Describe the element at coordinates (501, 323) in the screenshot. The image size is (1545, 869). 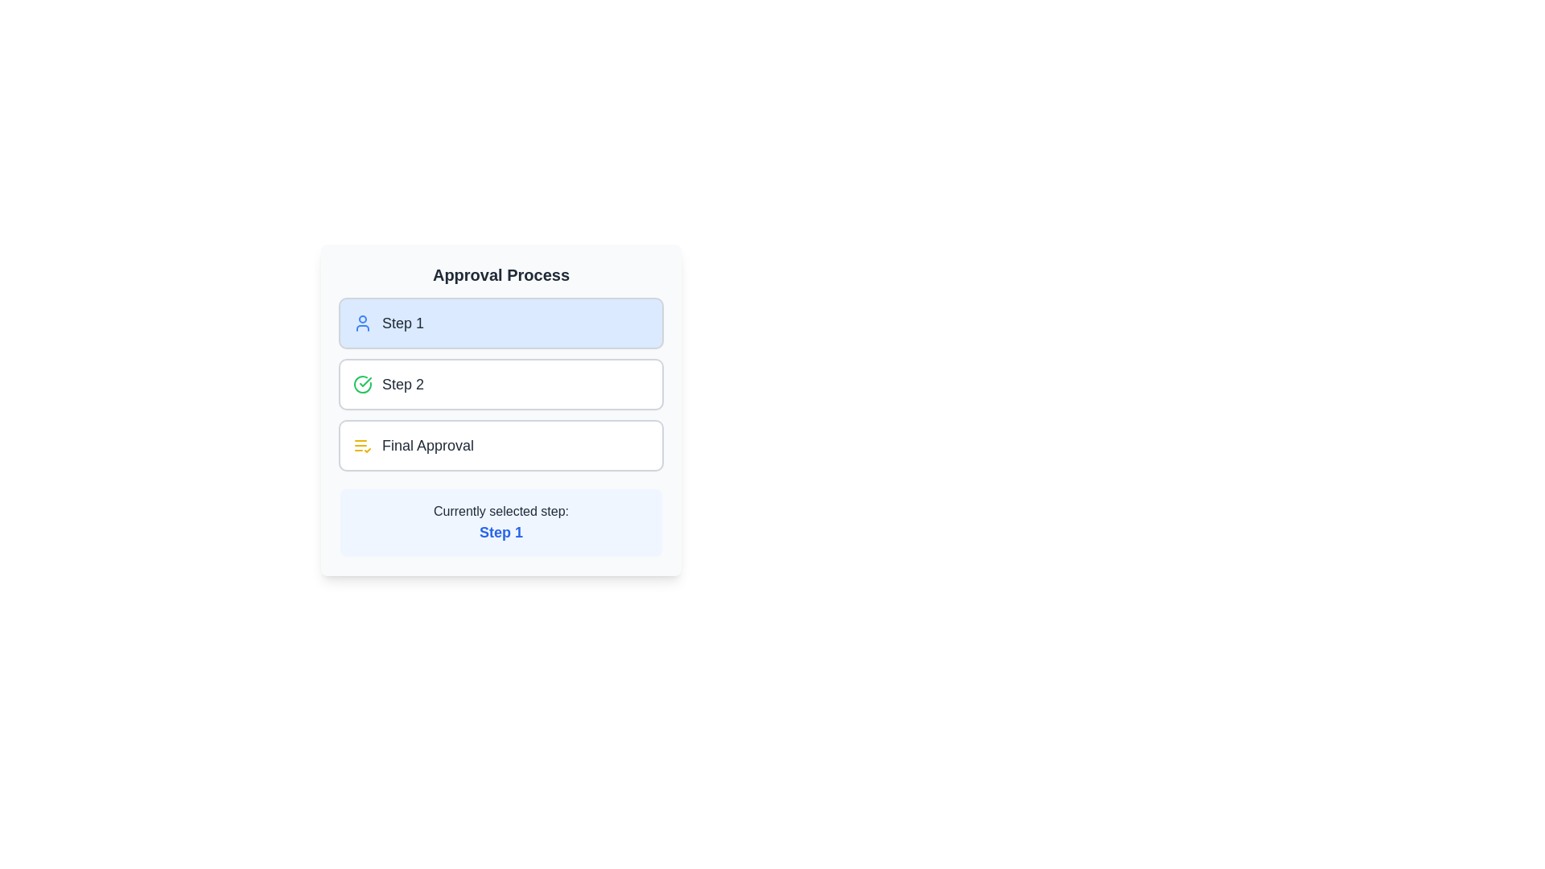
I see `the step Step 1 by clicking on its corresponding section` at that location.